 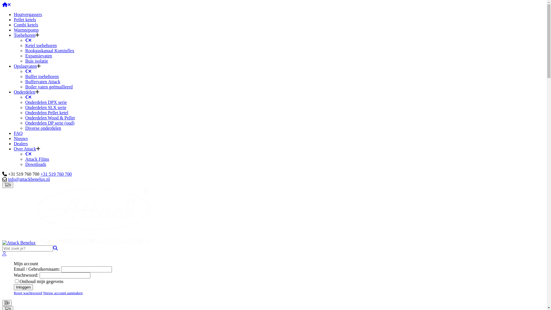 What do you see at coordinates (25, 61) in the screenshot?
I see `'Buis isolatie'` at bounding box center [25, 61].